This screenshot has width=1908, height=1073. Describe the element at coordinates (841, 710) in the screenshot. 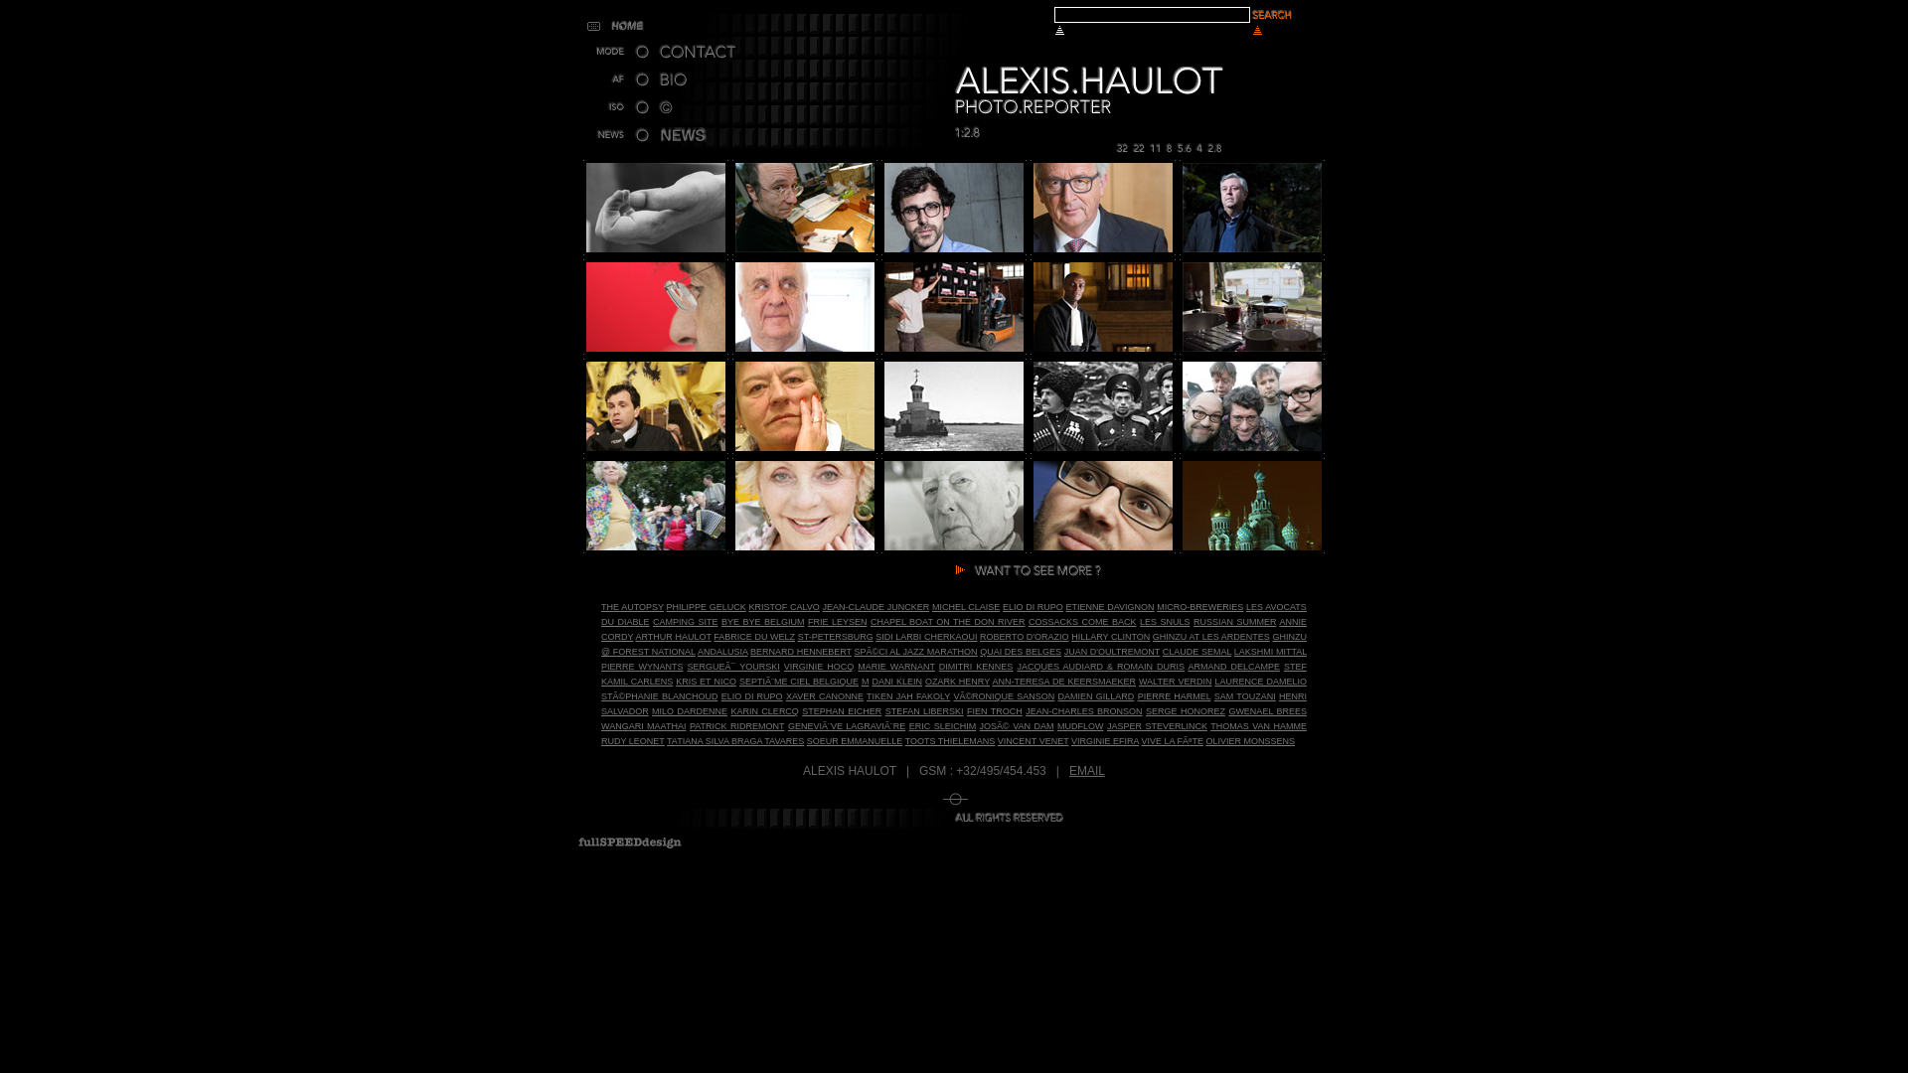

I see `'STEPHAN EICHER'` at that location.